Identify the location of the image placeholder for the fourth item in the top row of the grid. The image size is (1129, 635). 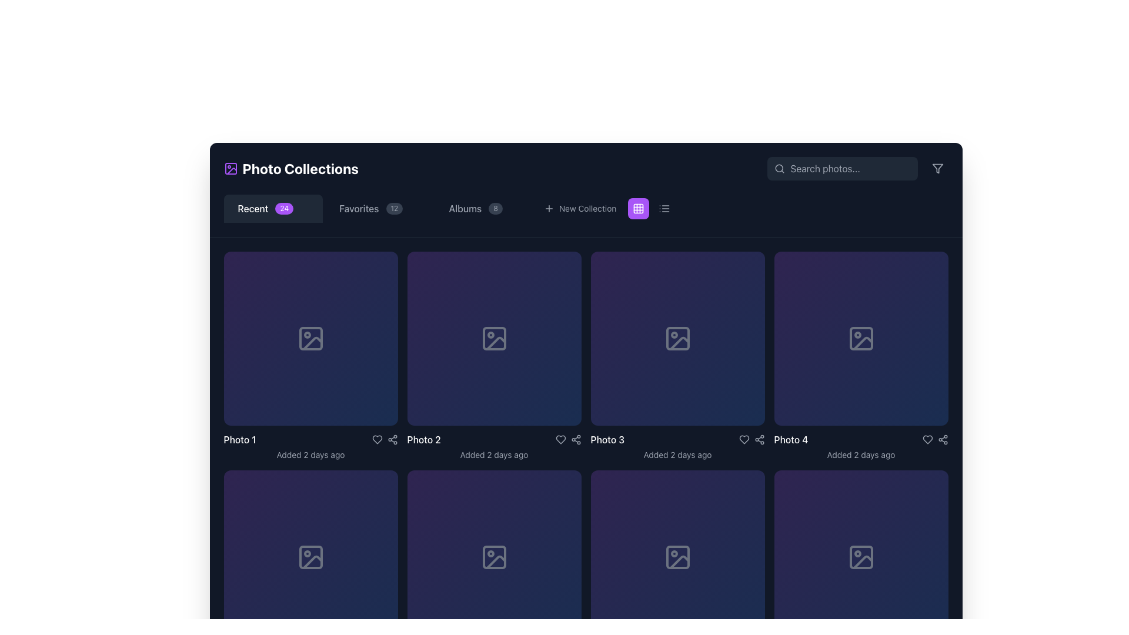
(861, 338).